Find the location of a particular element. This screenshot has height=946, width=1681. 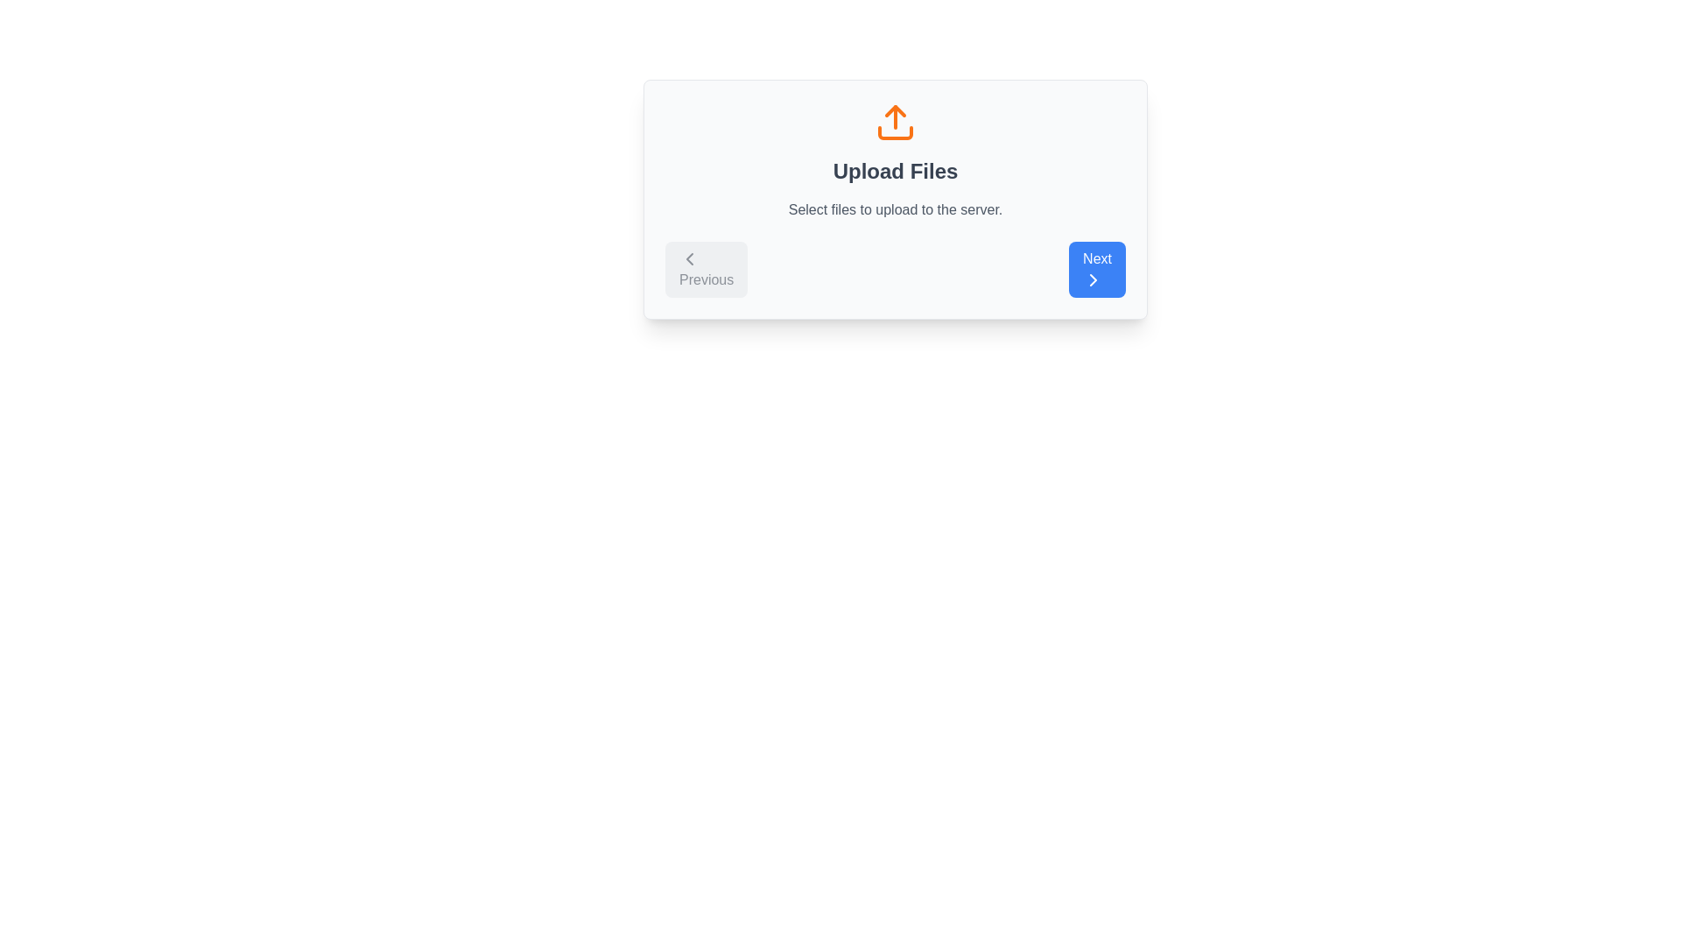

the text label with the content 'Upload Files', which is styled in a large, bold gray font and located centrally below an orange upload icon is located at coordinates (895, 172).